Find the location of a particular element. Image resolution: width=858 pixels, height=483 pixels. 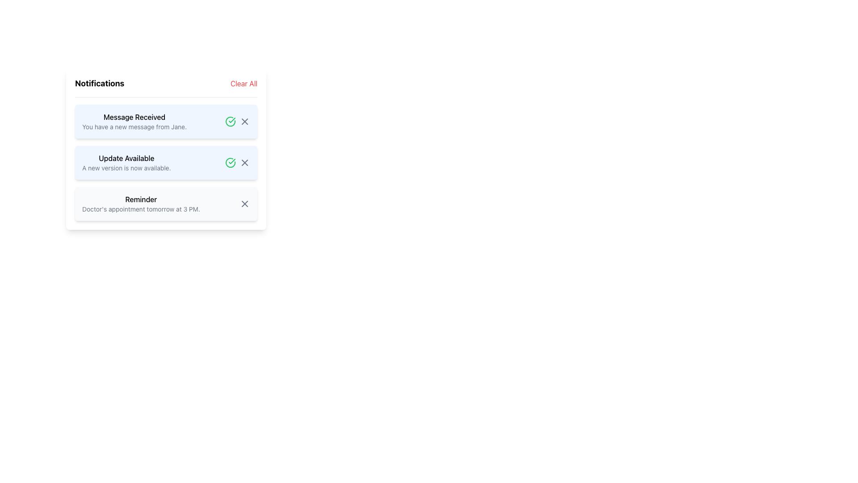

the 'Message Received' notification card that displays a message from Jane, which is the first notification in the list and is highlighted with a light blue background is located at coordinates (134, 122).